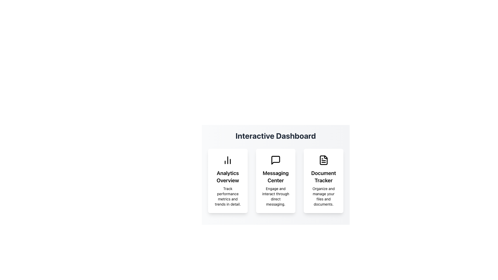 Image resolution: width=498 pixels, height=280 pixels. I want to click on the rectangular document icon with three horizontal lines and a folded corner, located in the upper center of the Document Tracker card, so click(323, 160).